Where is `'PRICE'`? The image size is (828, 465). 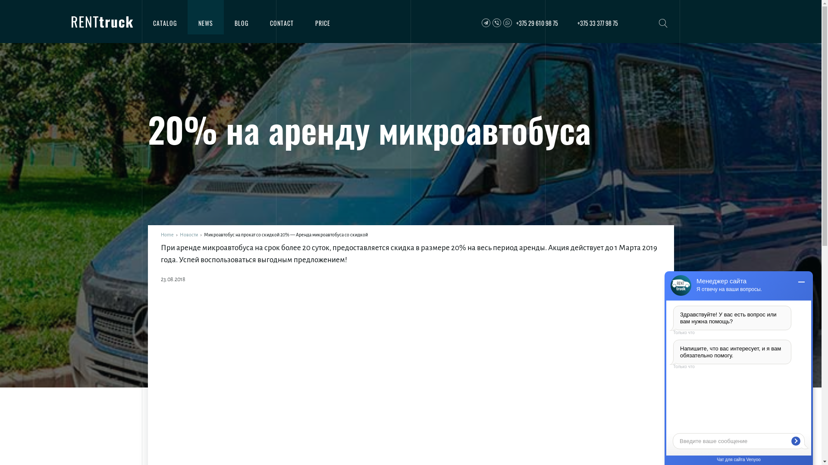
'PRICE' is located at coordinates (304, 21).